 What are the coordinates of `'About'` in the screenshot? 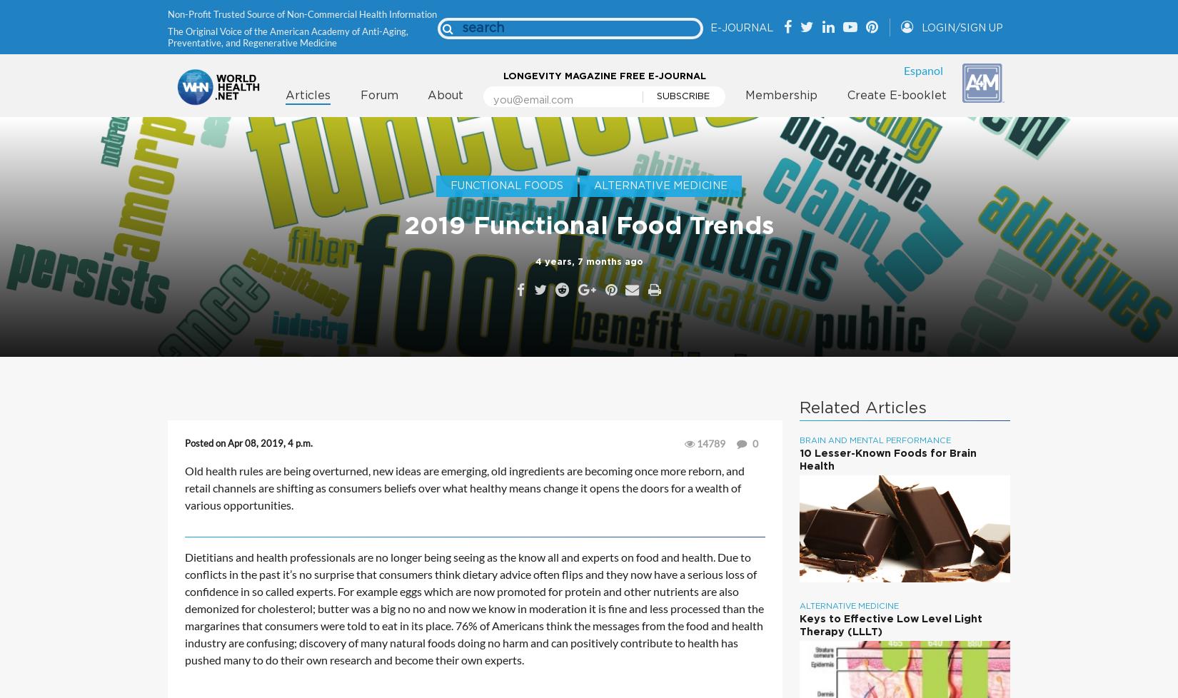 It's located at (445, 95).